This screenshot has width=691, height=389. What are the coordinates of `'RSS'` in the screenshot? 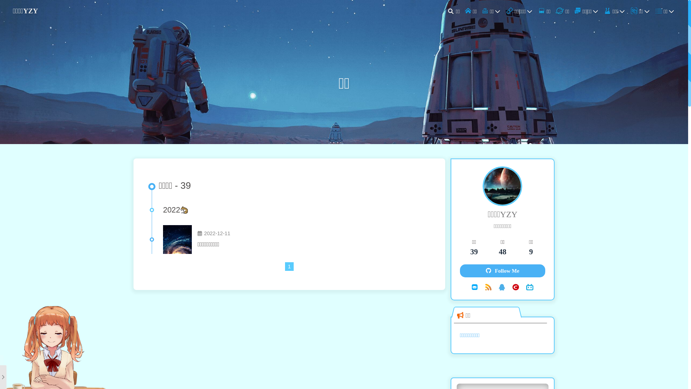 It's located at (488, 287).